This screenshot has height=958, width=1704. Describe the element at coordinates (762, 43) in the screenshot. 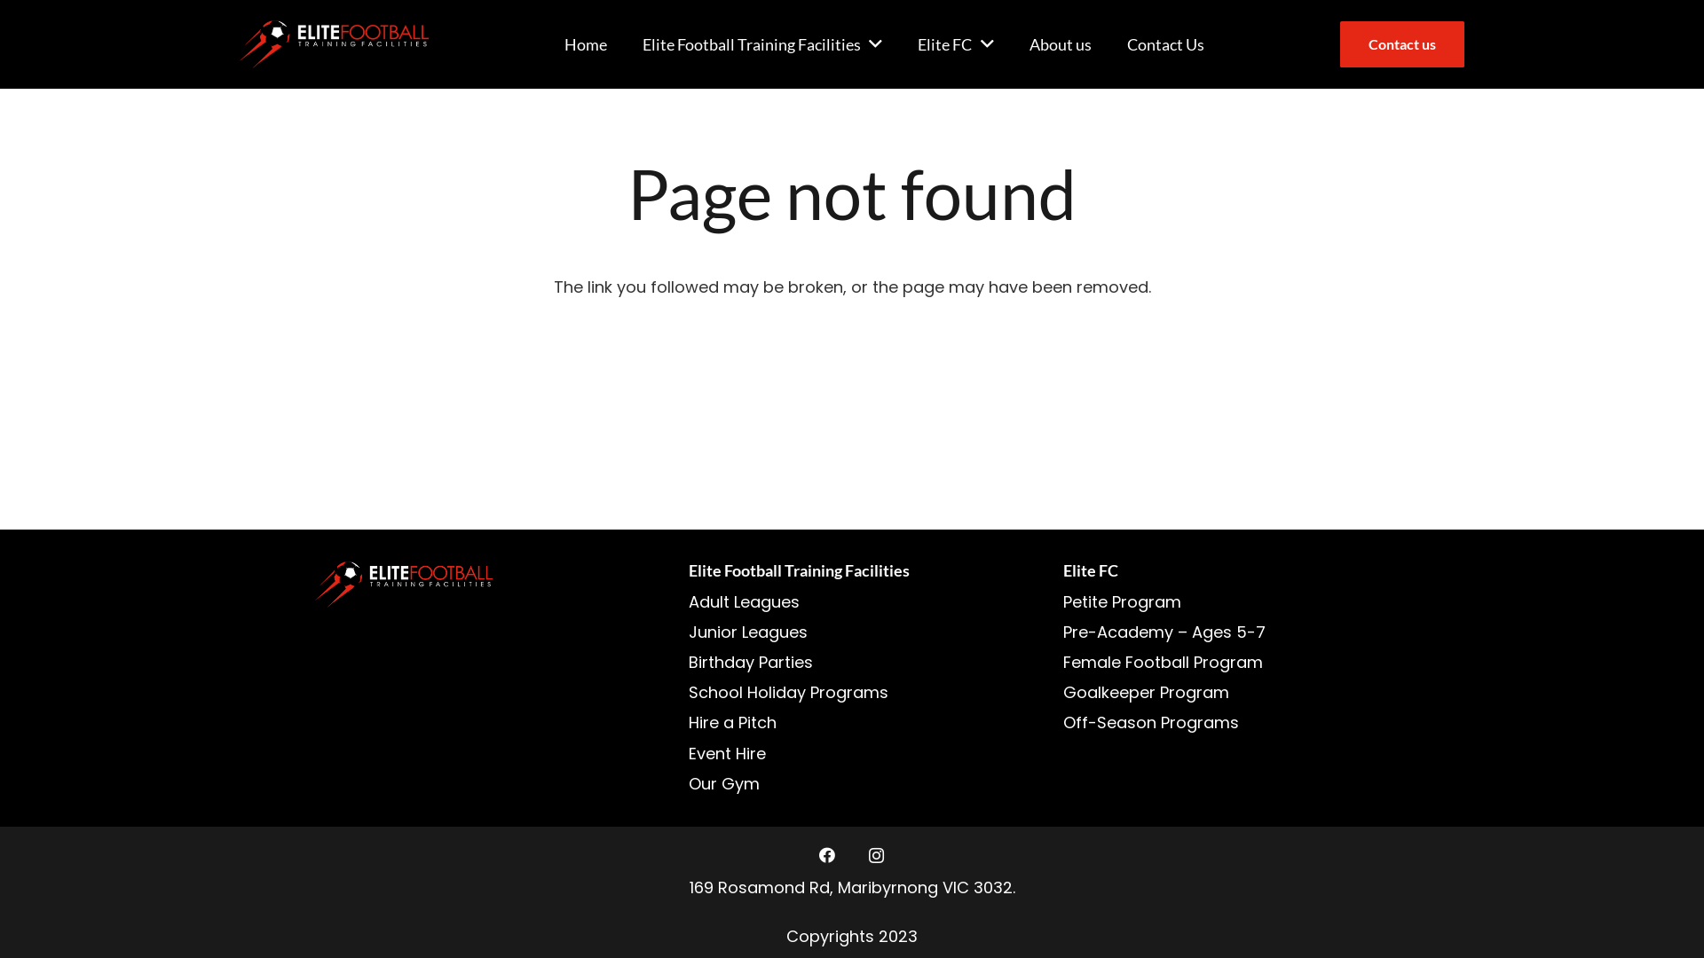

I see `'Elite Football Training Facilities'` at that location.